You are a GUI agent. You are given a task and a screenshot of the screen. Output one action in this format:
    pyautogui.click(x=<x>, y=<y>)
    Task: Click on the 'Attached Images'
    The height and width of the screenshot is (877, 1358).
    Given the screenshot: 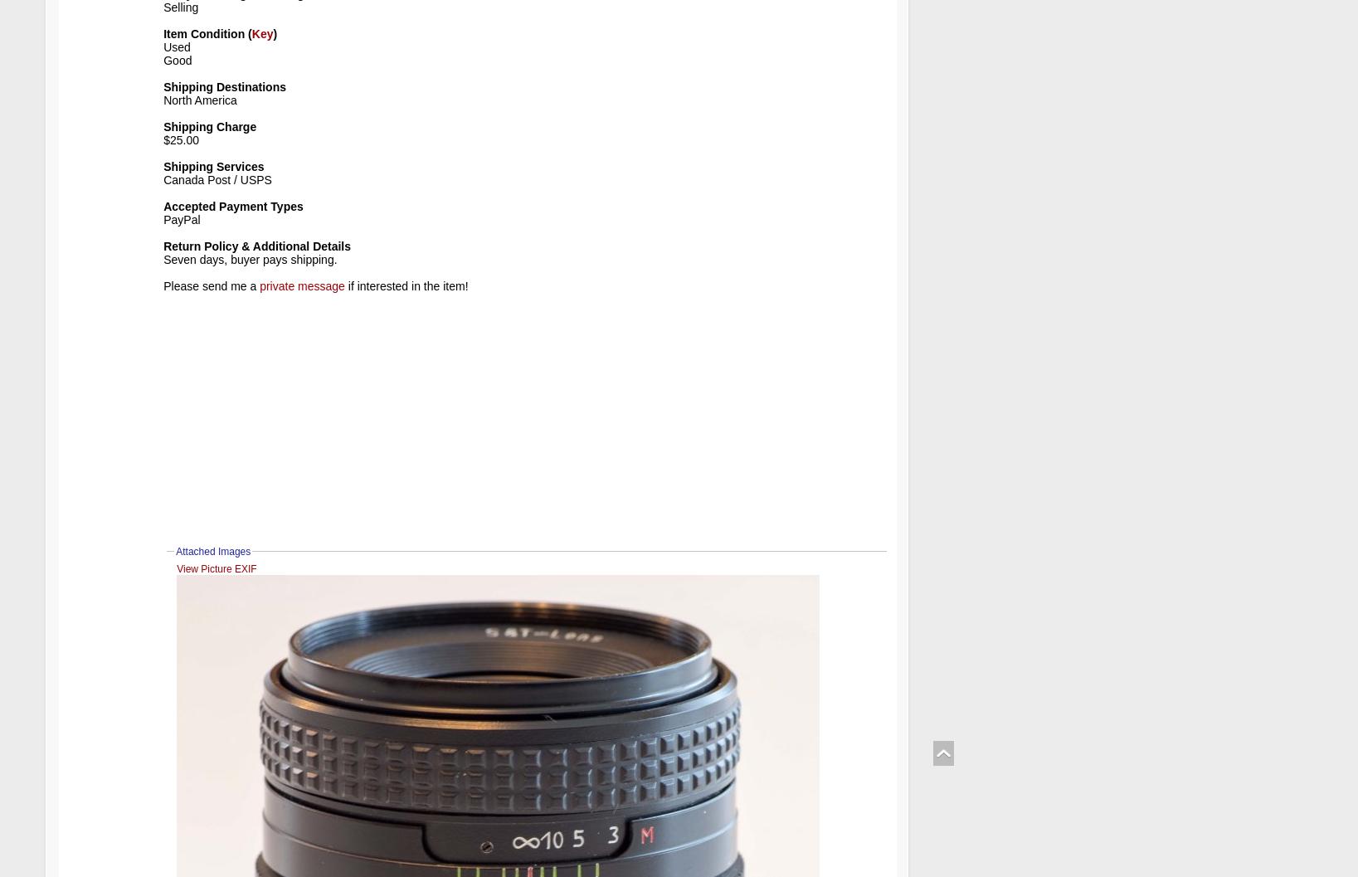 What is the action you would take?
    pyautogui.click(x=212, y=551)
    